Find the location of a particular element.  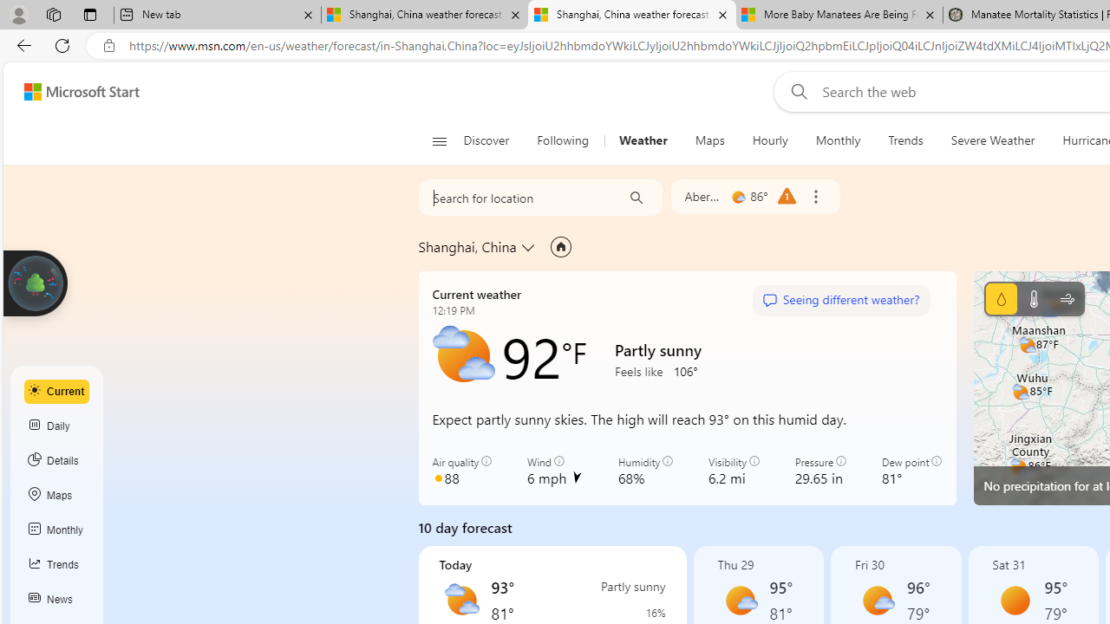

'Web search' is located at coordinates (794, 91).